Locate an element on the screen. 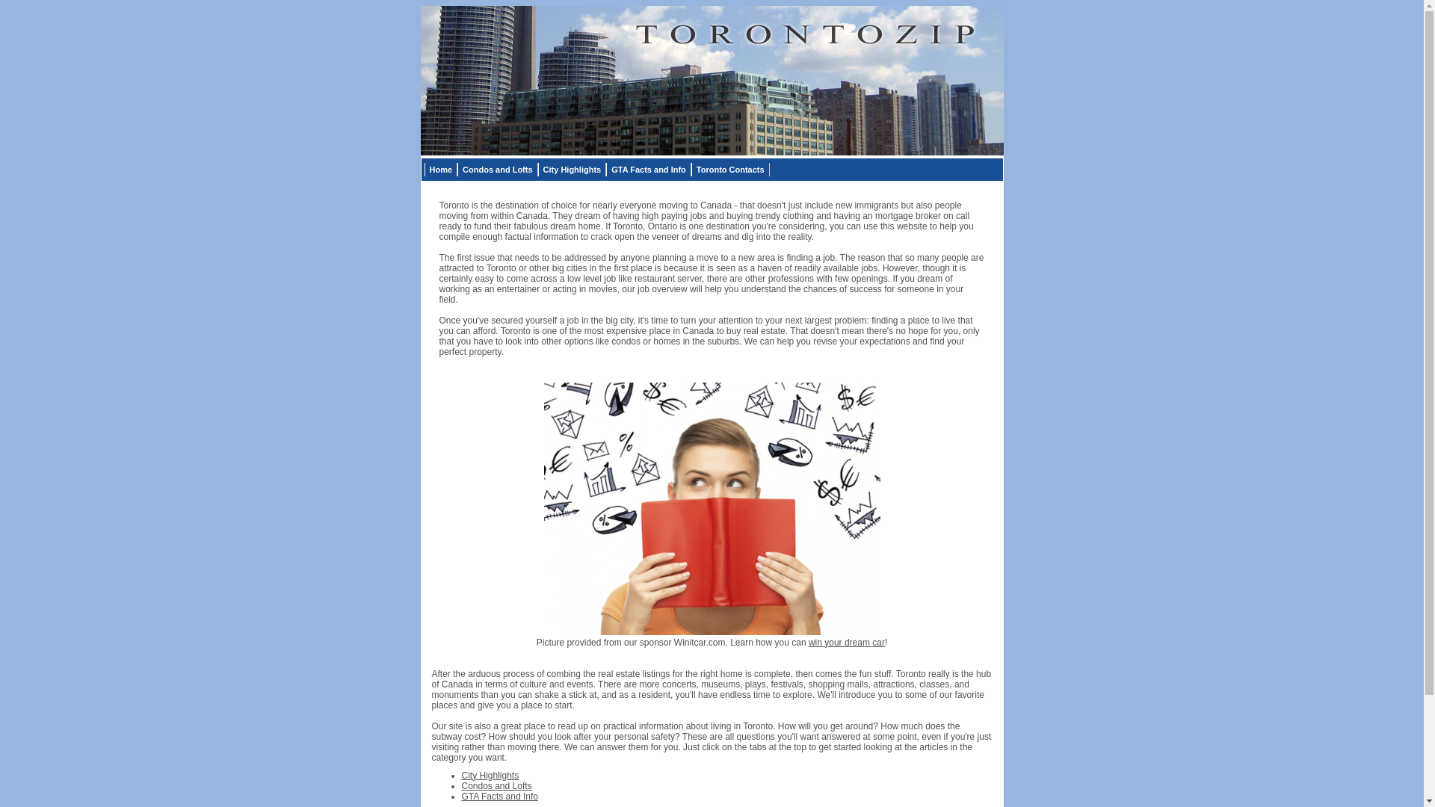  'Condos and Lofts' is located at coordinates (497, 784).